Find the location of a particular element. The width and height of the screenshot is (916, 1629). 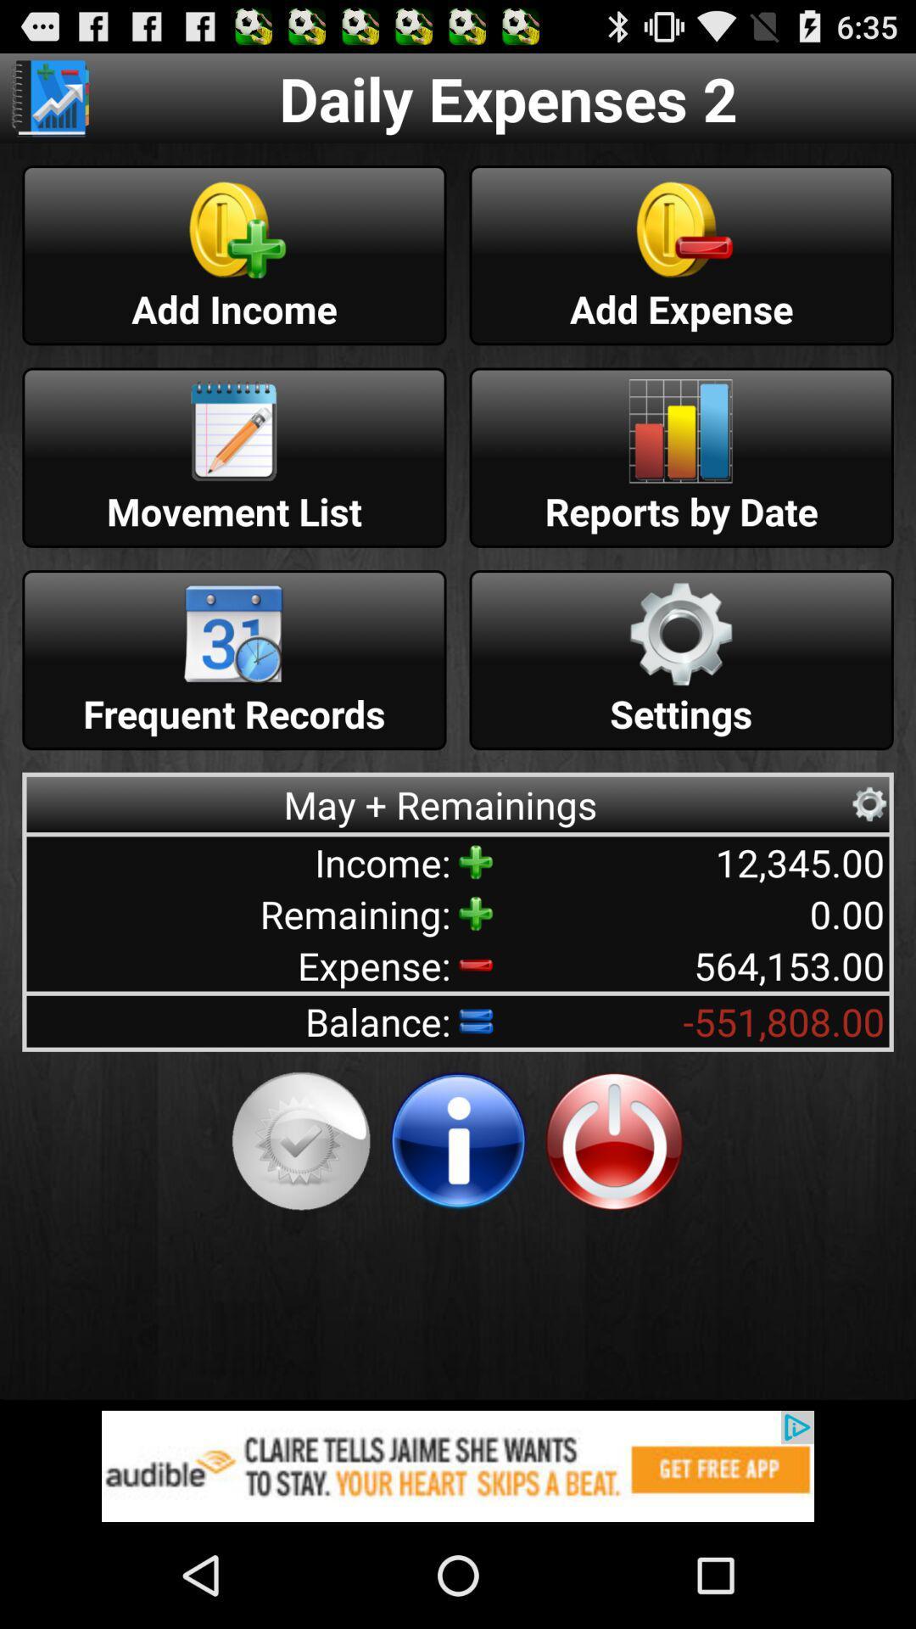

see your statistics is located at coordinates (49, 97).